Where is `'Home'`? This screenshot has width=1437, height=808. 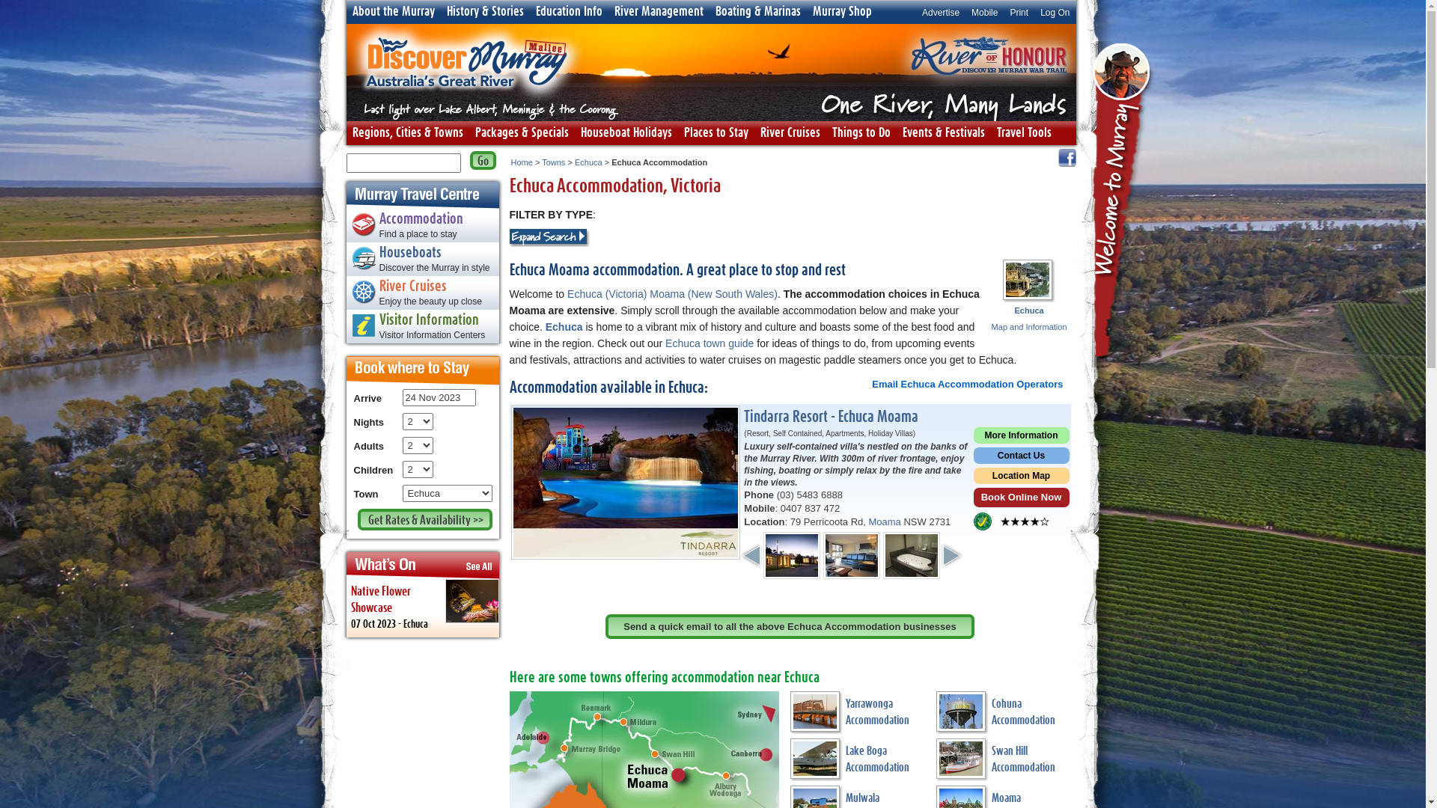
'Home' is located at coordinates (521, 162).